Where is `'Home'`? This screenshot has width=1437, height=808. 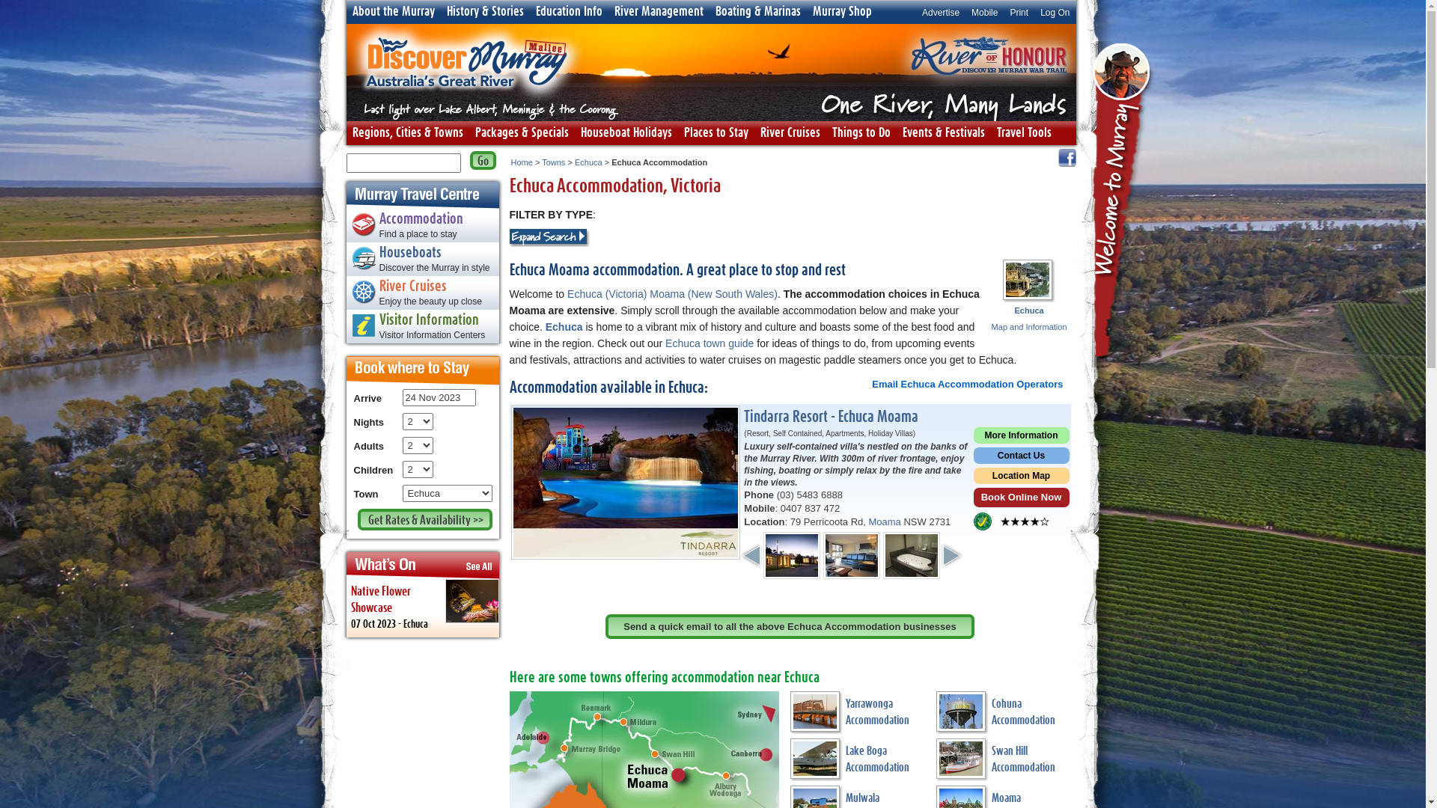
'Home' is located at coordinates (521, 162).